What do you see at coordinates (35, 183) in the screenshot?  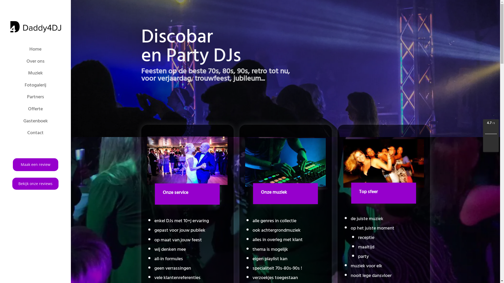 I see `'Bekijk onze reviews'` at bounding box center [35, 183].